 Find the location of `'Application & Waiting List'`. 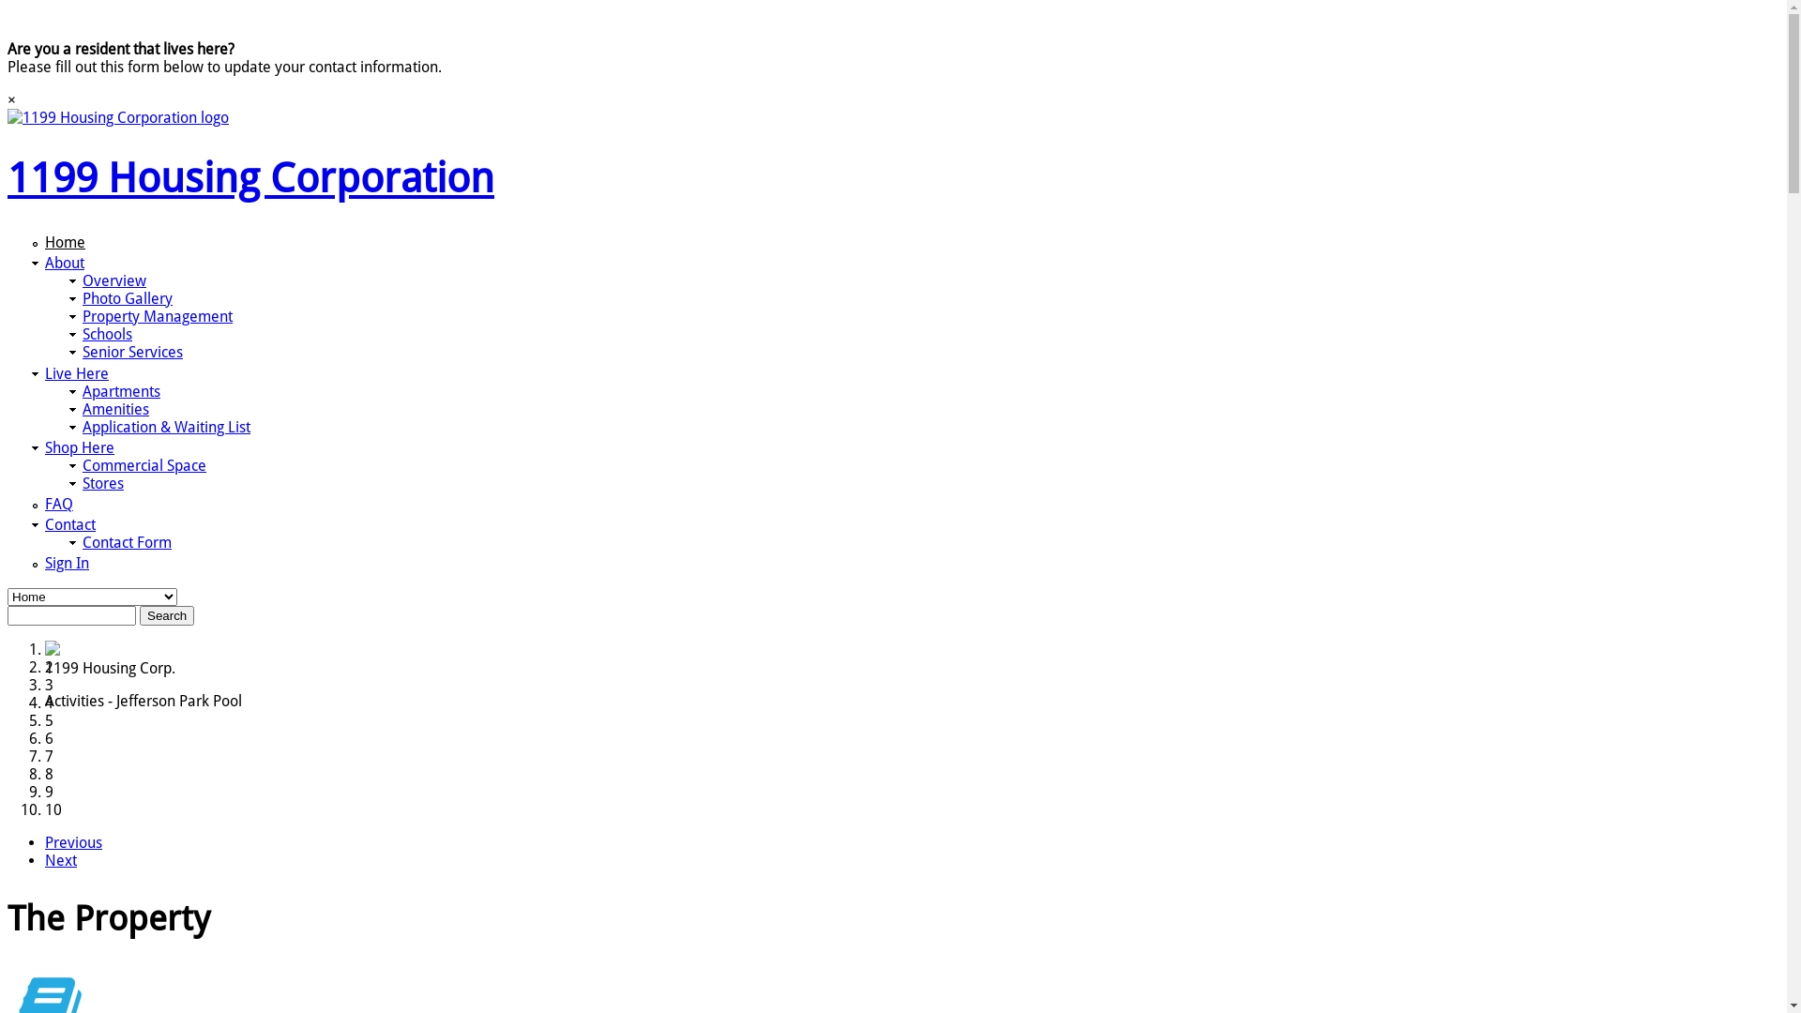

'Application & Waiting List' is located at coordinates (166, 427).